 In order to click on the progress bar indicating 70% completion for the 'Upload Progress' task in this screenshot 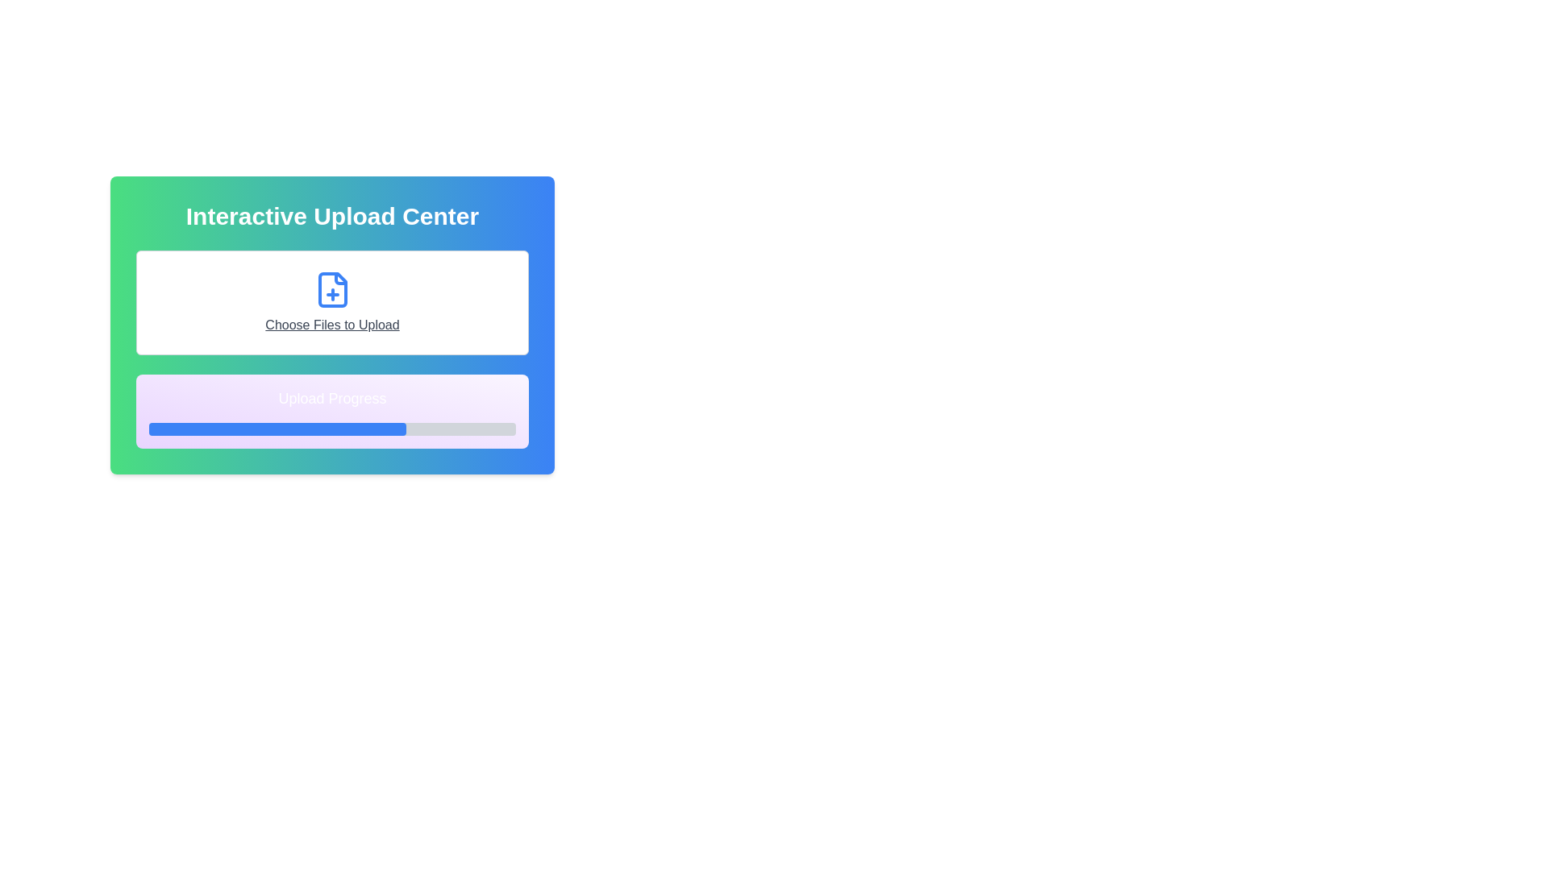, I will do `click(277, 428)`.